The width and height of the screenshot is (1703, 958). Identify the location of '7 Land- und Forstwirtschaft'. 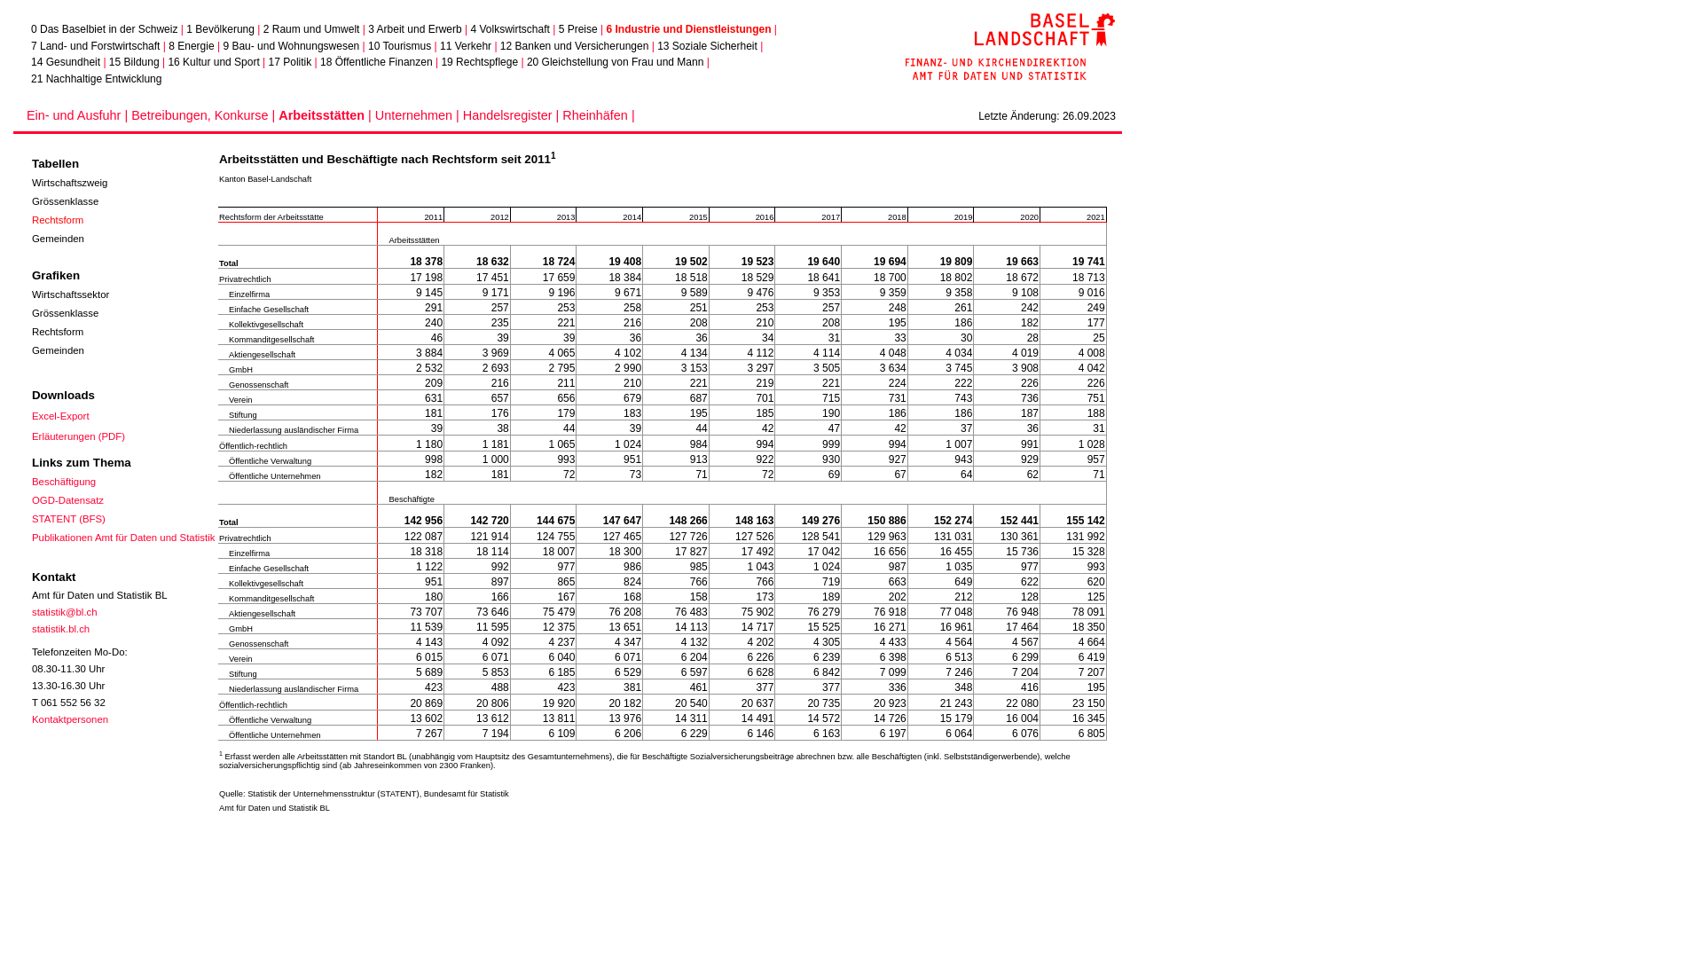
(94, 44).